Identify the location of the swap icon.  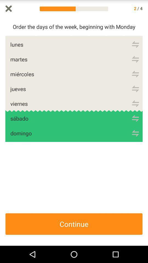
(135, 95).